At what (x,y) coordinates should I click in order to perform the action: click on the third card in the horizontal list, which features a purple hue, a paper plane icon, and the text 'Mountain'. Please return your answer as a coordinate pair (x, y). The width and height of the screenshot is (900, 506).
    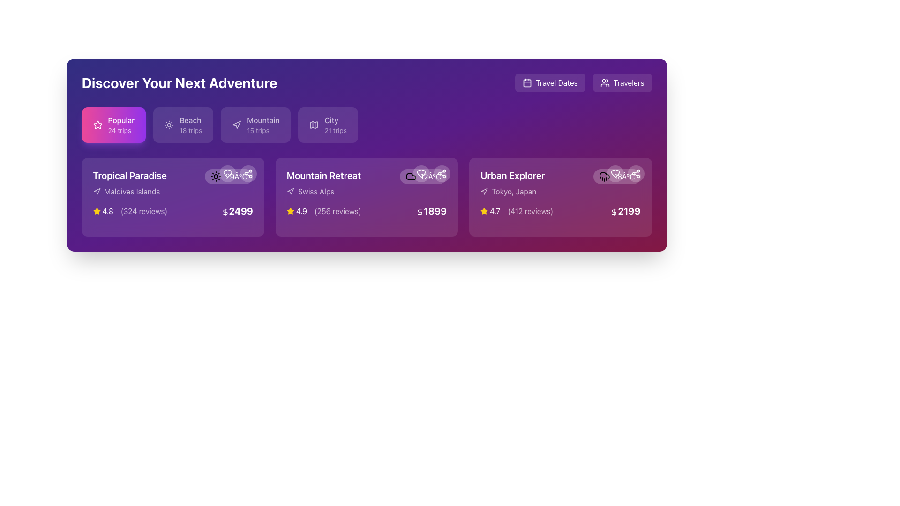
    Looking at the image, I should click on (255, 124).